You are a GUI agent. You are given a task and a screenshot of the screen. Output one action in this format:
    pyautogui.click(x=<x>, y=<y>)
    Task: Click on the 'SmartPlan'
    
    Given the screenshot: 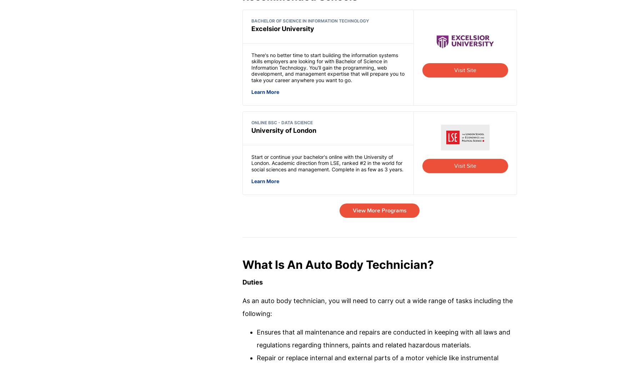 What is the action you would take?
    pyautogui.click(x=295, y=284)
    